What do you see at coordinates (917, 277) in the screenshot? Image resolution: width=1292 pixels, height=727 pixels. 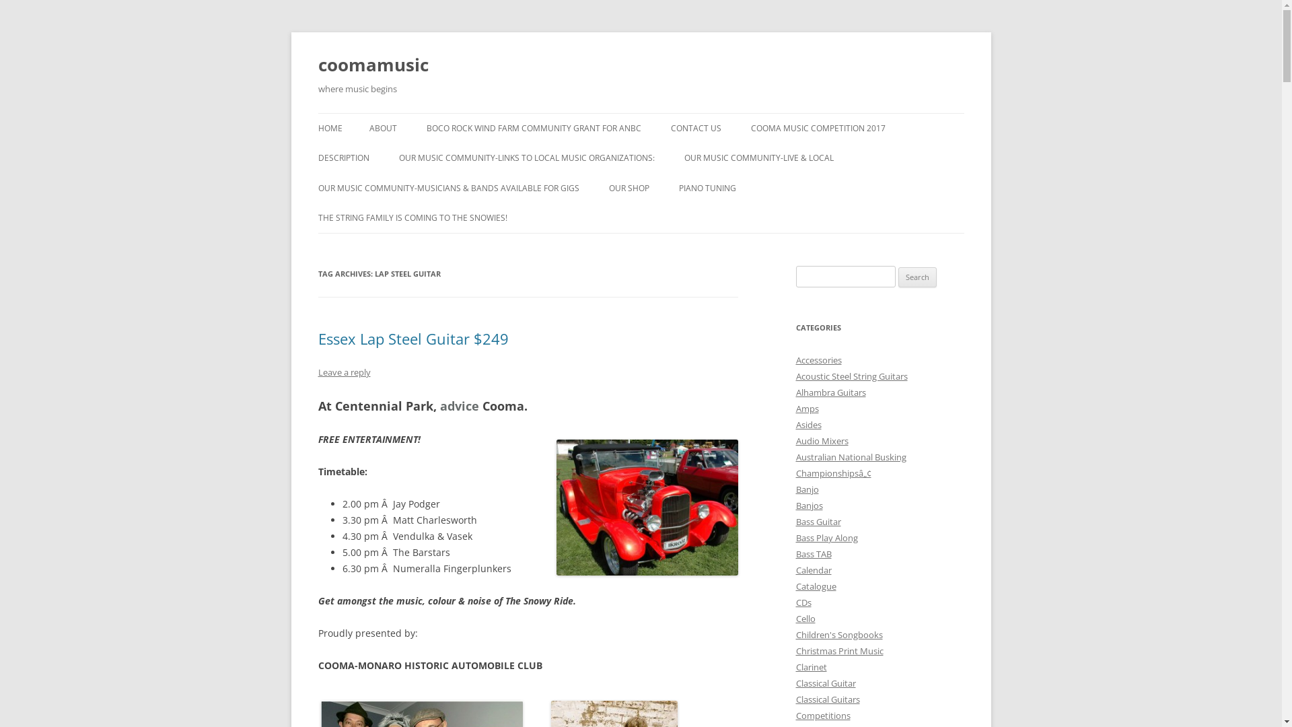 I see `'Search'` at bounding box center [917, 277].